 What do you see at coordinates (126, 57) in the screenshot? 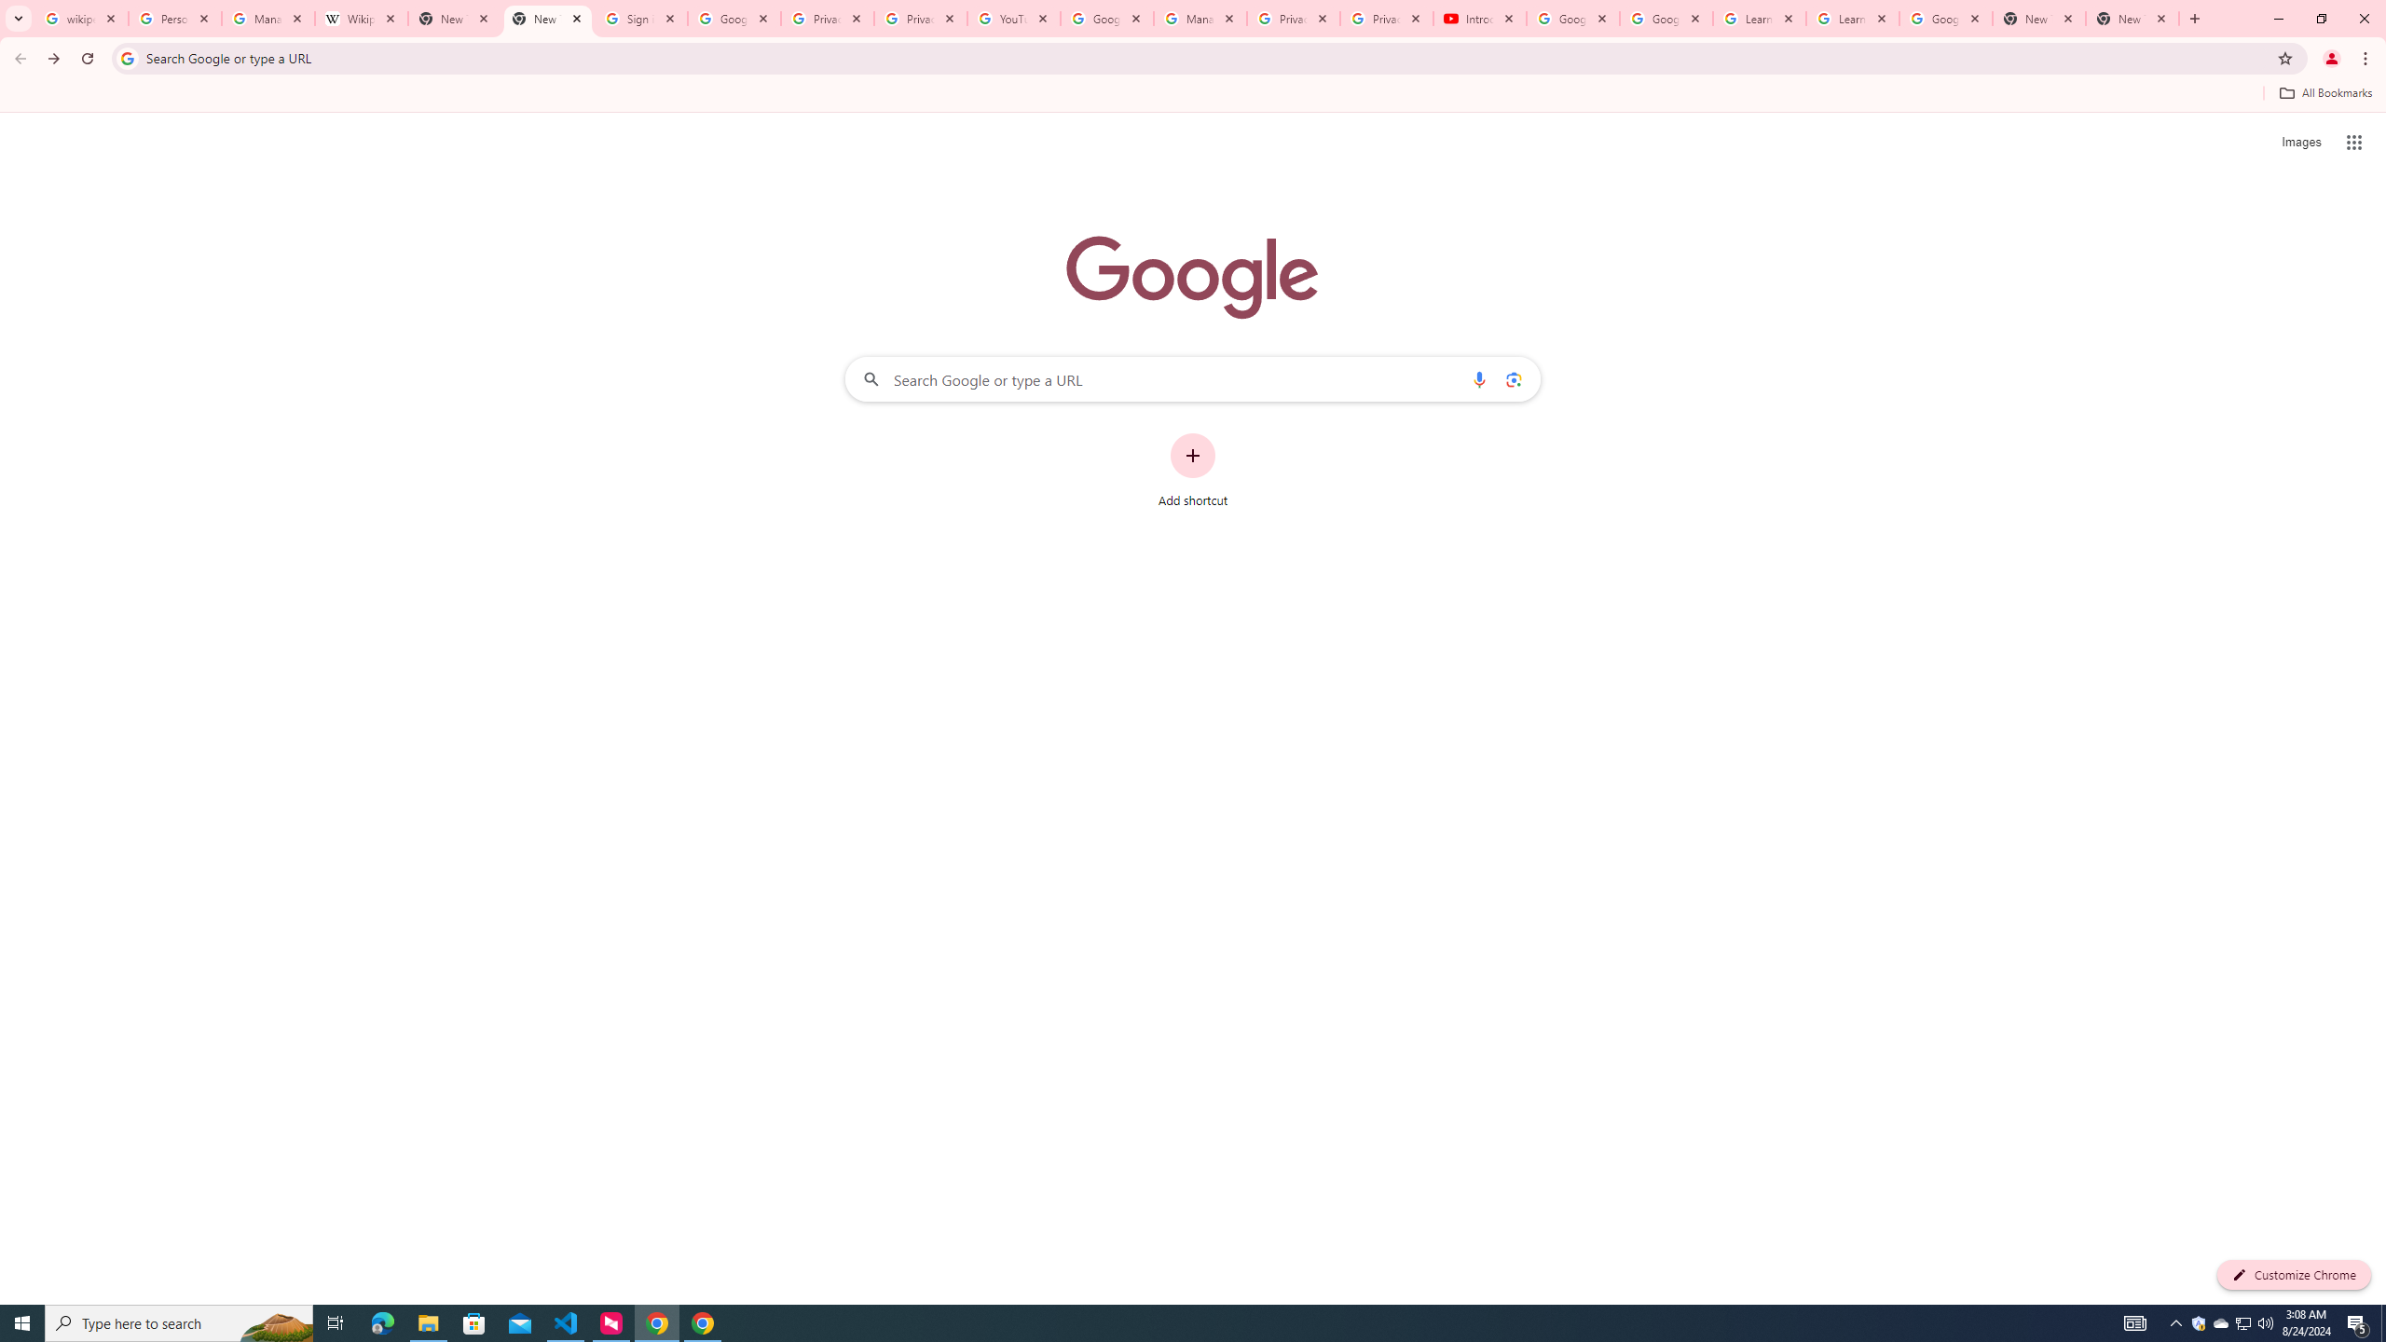
I see `'Search icon'` at bounding box center [126, 57].